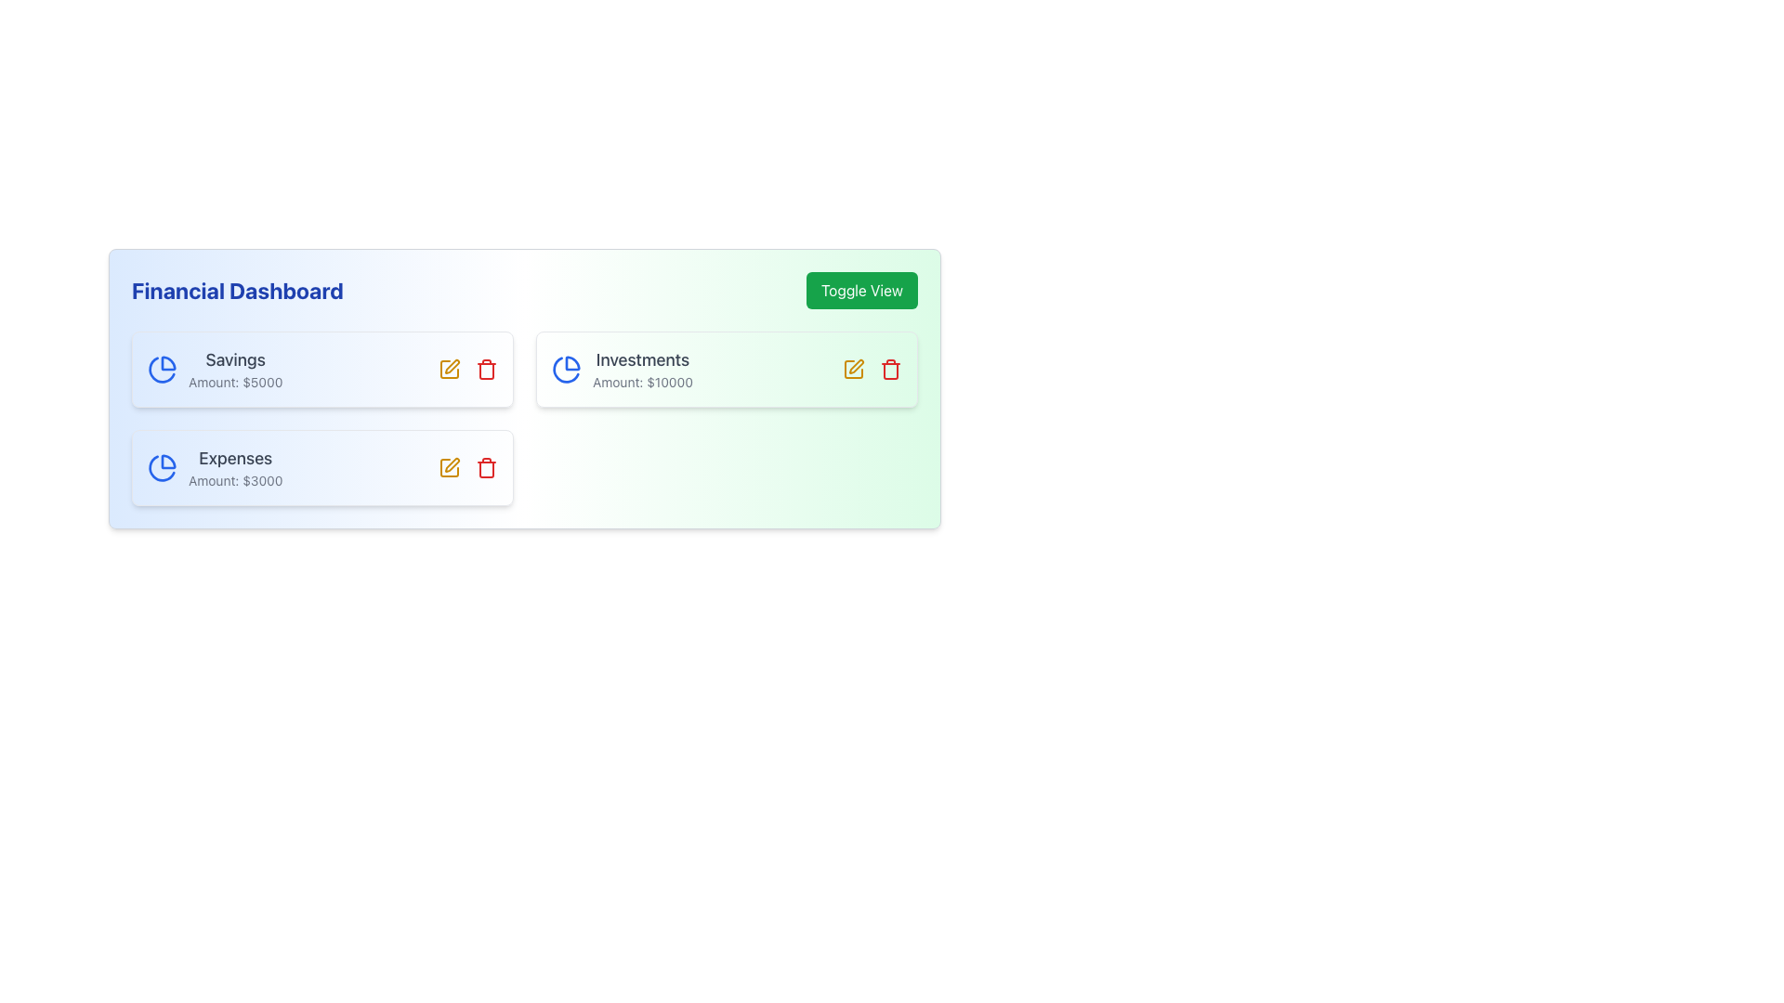 The image size is (1784, 1003). I want to click on the red-colored trash can icon button located on the right side of the 'Investments' section within the dashboard, so click(890, 369).